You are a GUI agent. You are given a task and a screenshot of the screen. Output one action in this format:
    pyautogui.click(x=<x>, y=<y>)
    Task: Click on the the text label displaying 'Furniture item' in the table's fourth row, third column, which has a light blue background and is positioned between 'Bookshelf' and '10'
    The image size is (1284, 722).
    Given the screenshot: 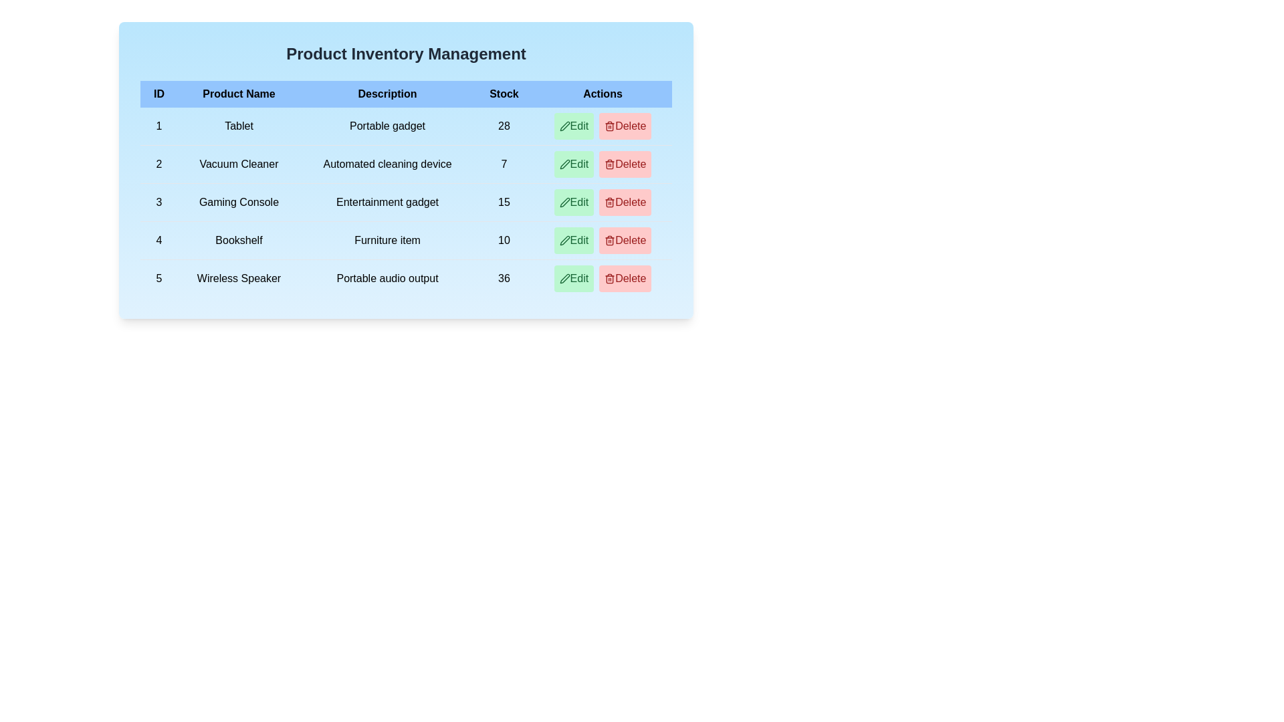 What is the action you would take?
    pyautogui.click(x=387, y=239)
    